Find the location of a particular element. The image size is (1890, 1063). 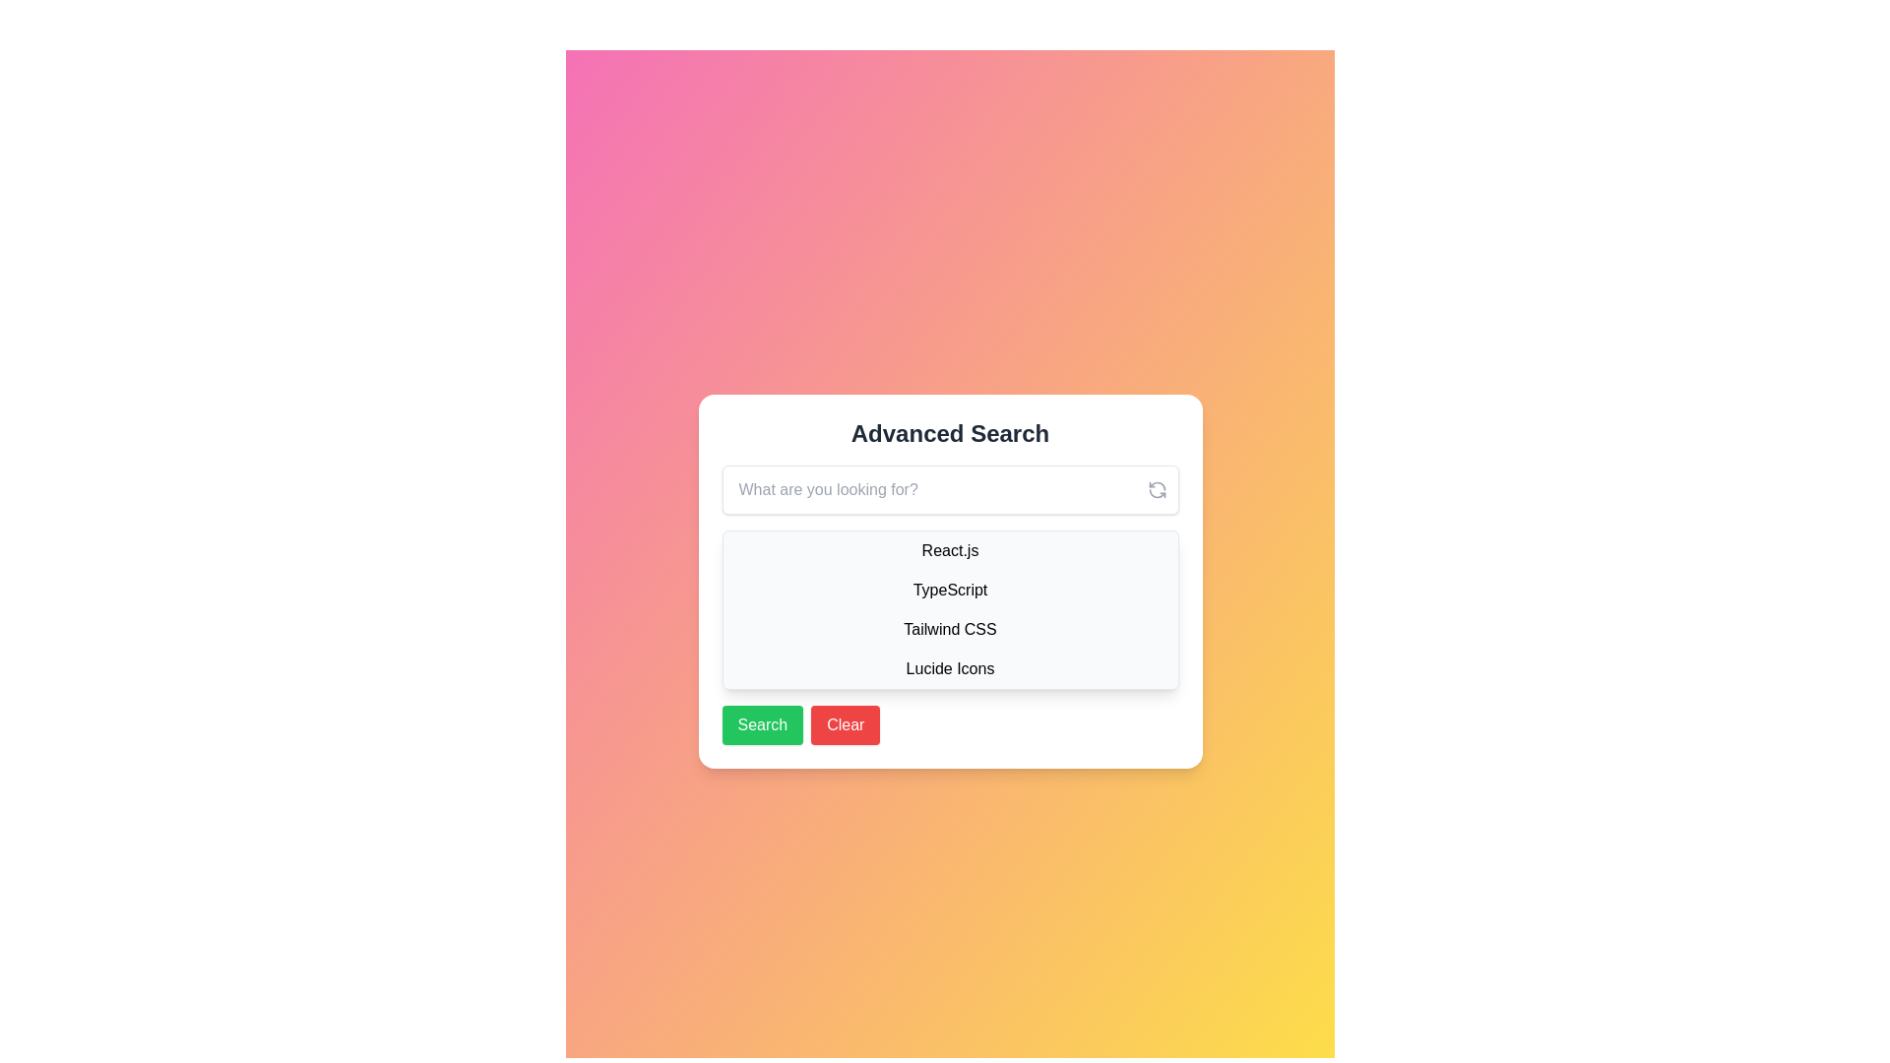

the circular refresh button located at the top-right corner of the text input field, which features a clockwise arrow symbol is located at coordinates (1157, 488).